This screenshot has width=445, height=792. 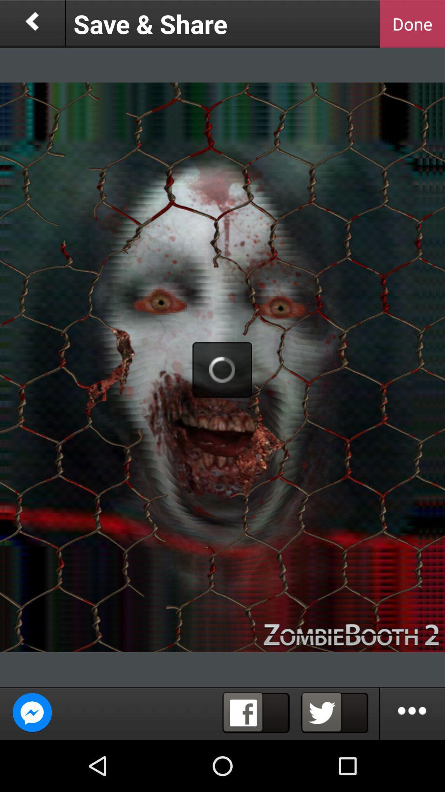 I want to click on go back, so click(x=32, y=24).